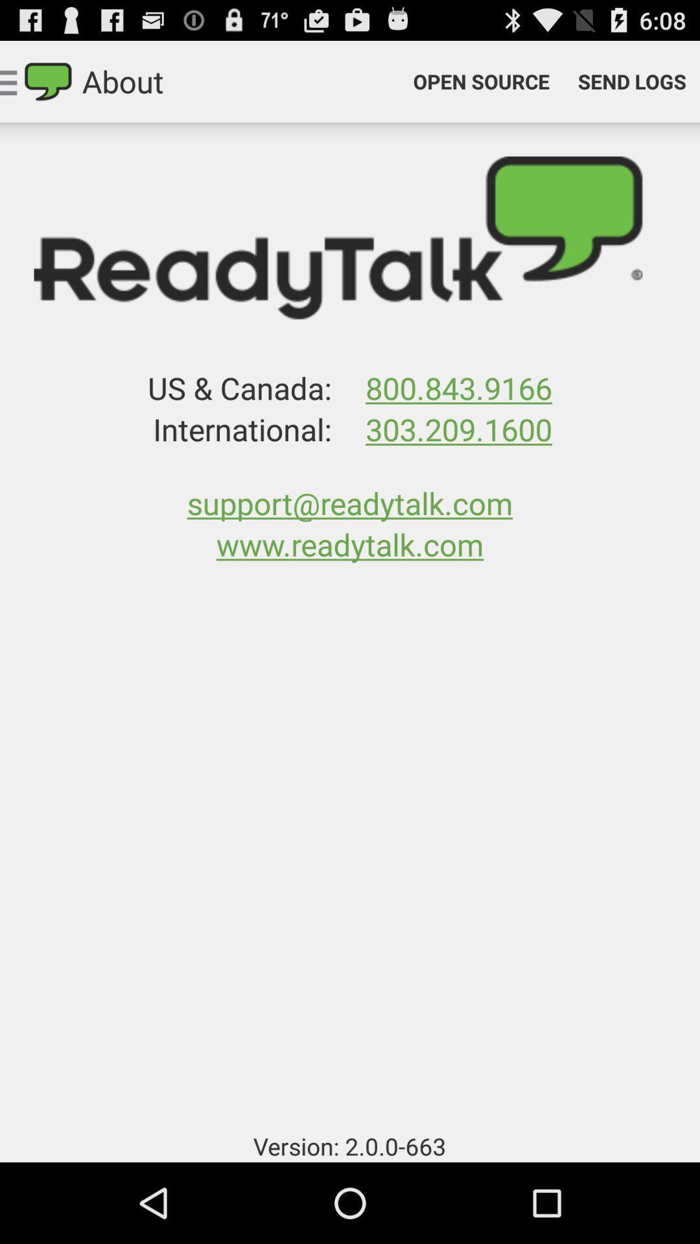 This screenshot has height=1244, width=700. Describe the element at coordinates (481, 80) in the screenshot. I see `icon to the right of the about` at that location.